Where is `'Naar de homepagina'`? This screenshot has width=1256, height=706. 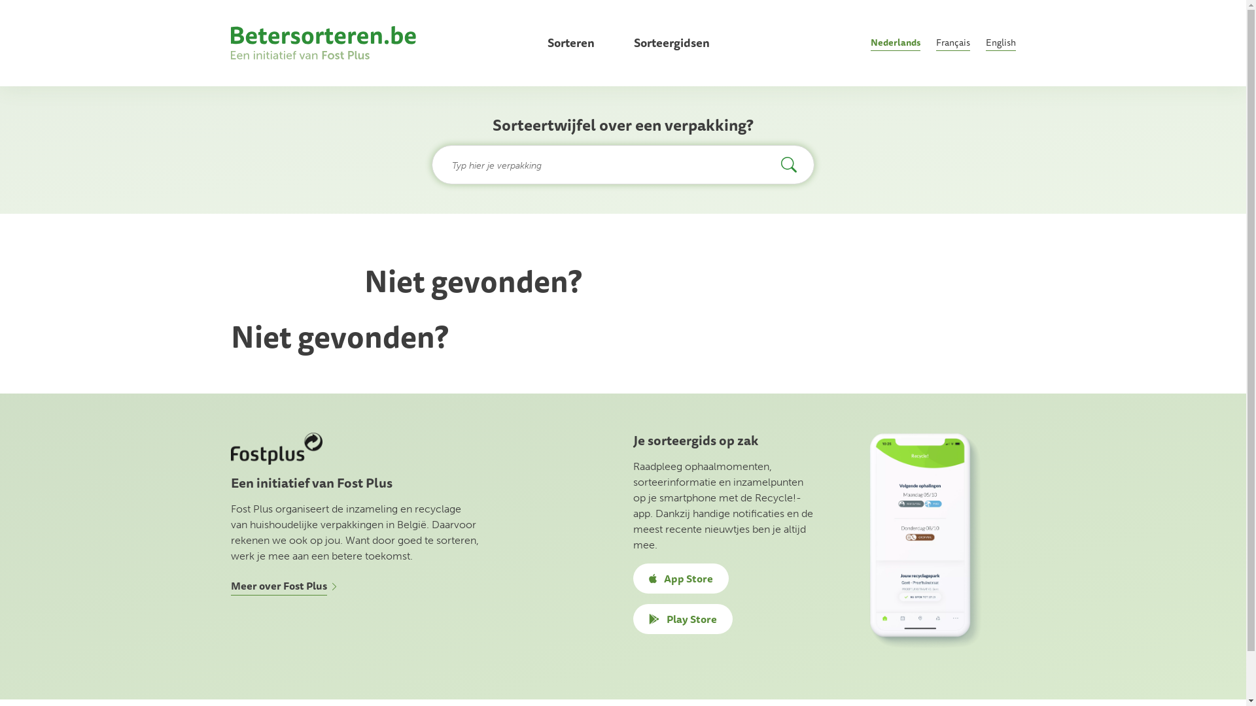 'Naar de homepagina' is located at coordinates (323, 42).